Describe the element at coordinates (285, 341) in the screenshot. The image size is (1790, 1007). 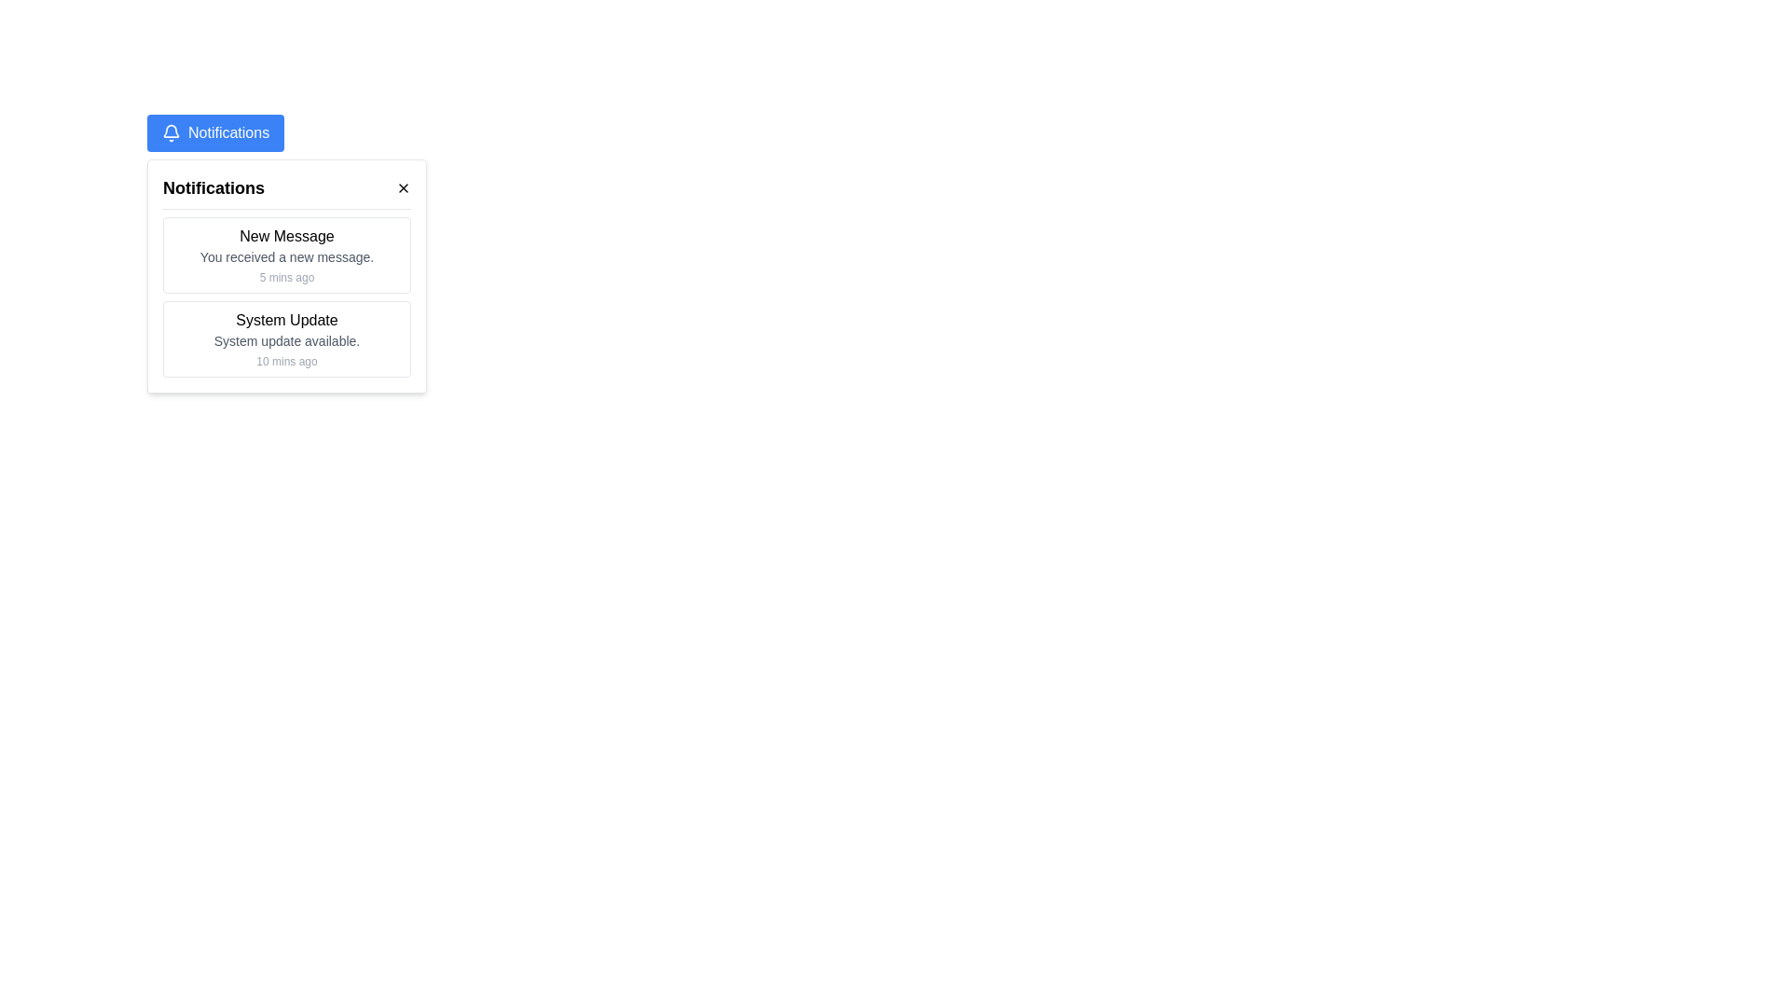
I see `the static text label that displays a notification message about a system update, which is positioned centrally below the title 'System Update' in the notifications panel` at that location.